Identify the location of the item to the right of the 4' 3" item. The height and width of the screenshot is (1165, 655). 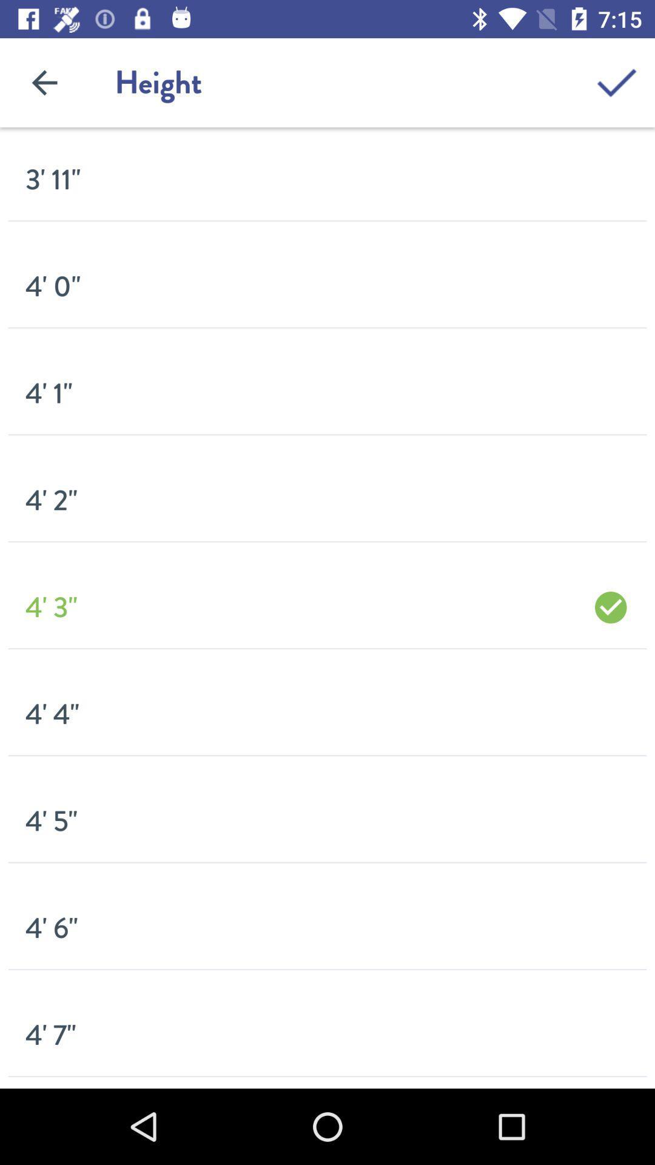
(611, 607).